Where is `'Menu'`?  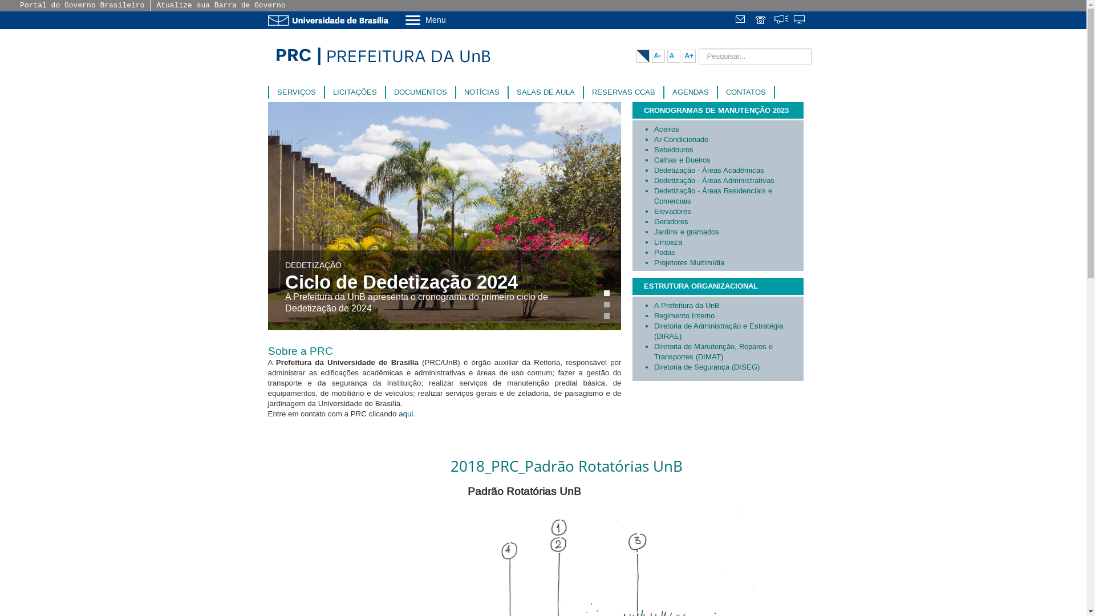
'Menu' is located at coordinates (454, 19).